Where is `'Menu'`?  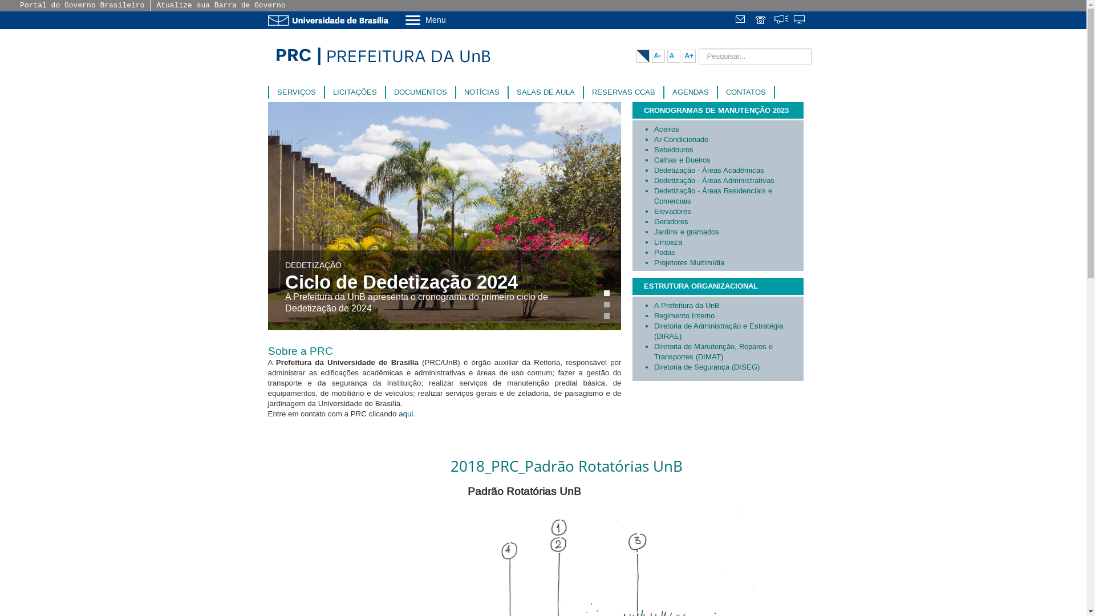
'Menu' is located at coordinates (454, 19).